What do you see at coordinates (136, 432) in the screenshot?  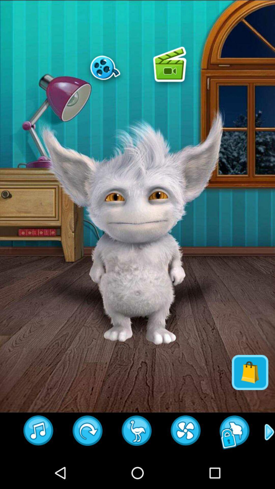 I see `insert animal` at bounding box center [136, 432].